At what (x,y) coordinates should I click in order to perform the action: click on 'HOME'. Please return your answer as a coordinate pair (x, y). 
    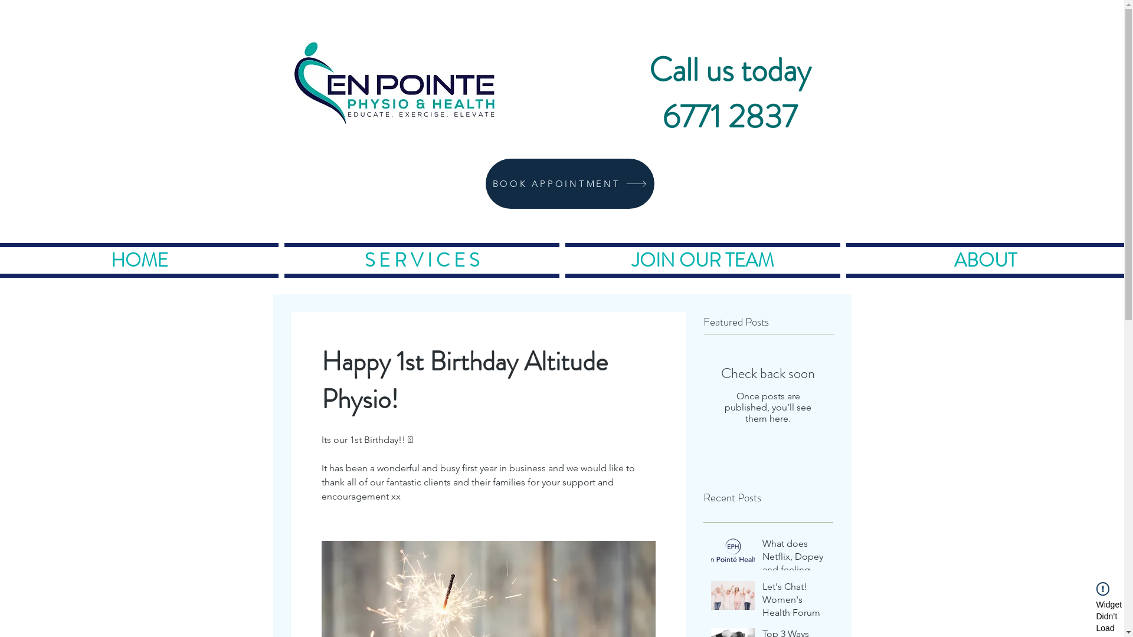
    Looking at the image, I should click on (140, 252).